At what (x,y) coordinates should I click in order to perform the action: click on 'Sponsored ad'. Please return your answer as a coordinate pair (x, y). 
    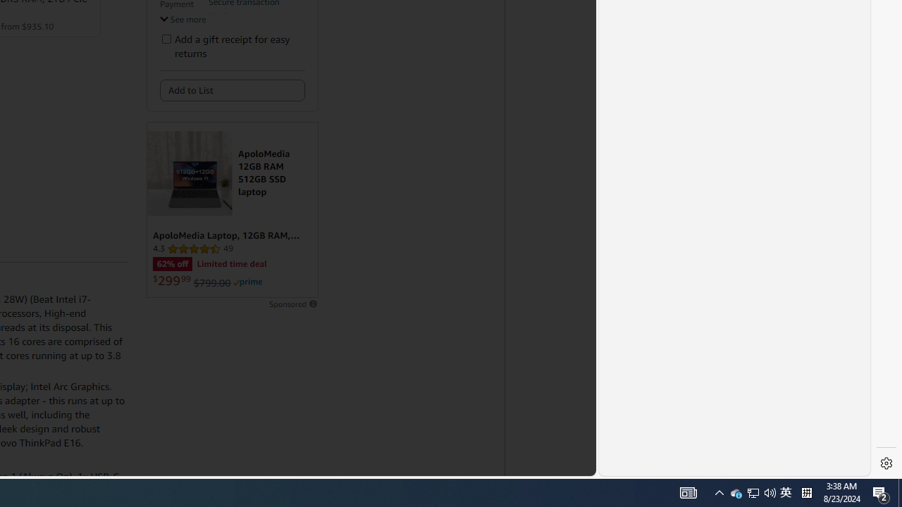
    Looking at the image, I should click on (232, 210).